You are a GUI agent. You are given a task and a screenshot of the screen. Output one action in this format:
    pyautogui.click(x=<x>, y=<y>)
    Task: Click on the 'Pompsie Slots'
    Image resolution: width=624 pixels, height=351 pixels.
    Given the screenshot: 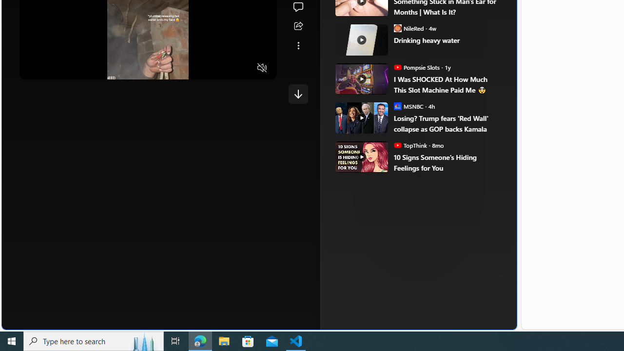 What is the action you would take?
    pyautogui.click(x=398, y=67)
    